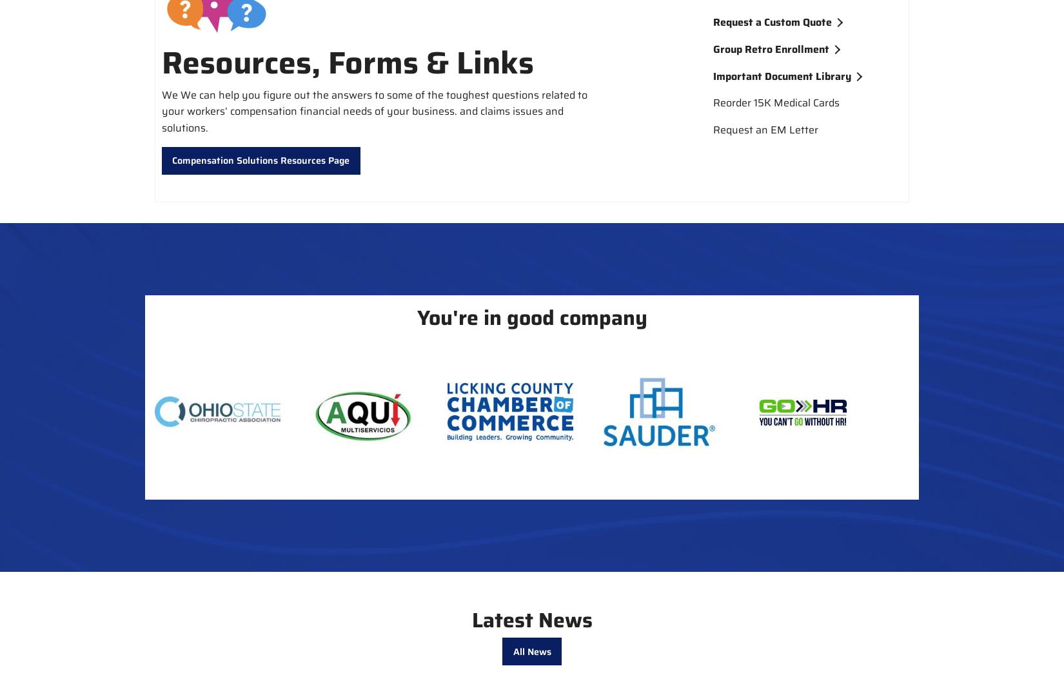  I want to click on 'Latest News', so click(531, 619).